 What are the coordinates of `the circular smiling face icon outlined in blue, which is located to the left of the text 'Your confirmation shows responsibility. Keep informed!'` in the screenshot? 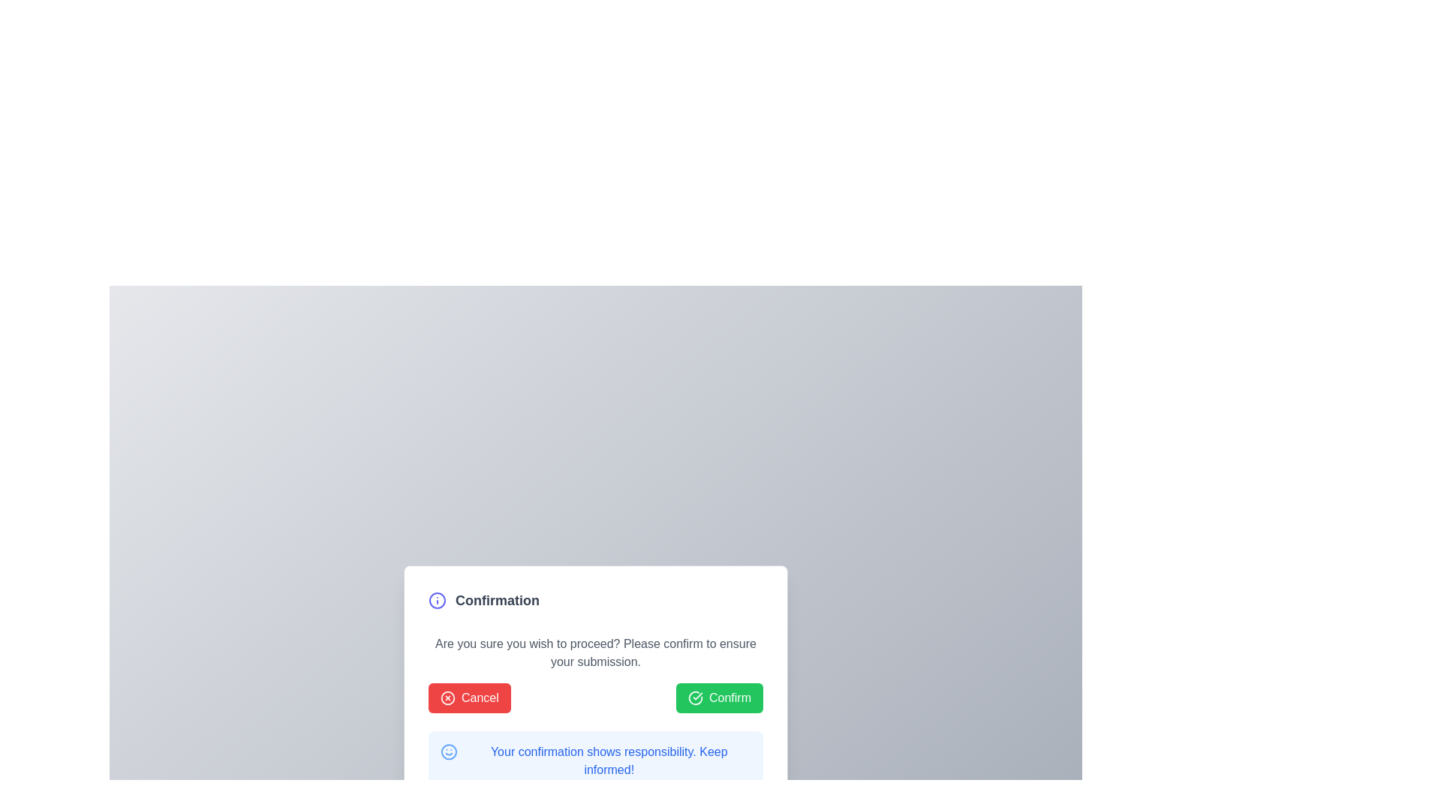 It's located at (448, 751).